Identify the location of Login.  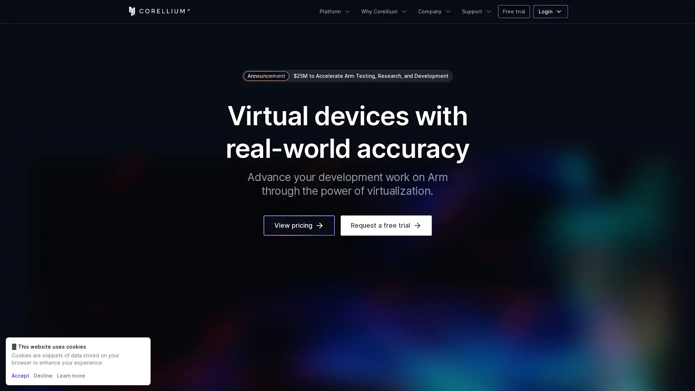
(550, 11).